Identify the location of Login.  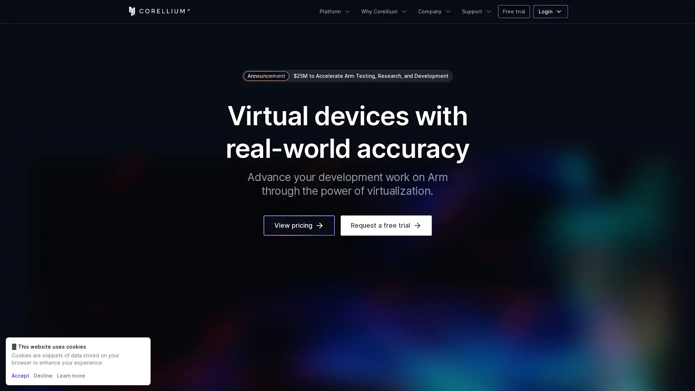
(550, 11).